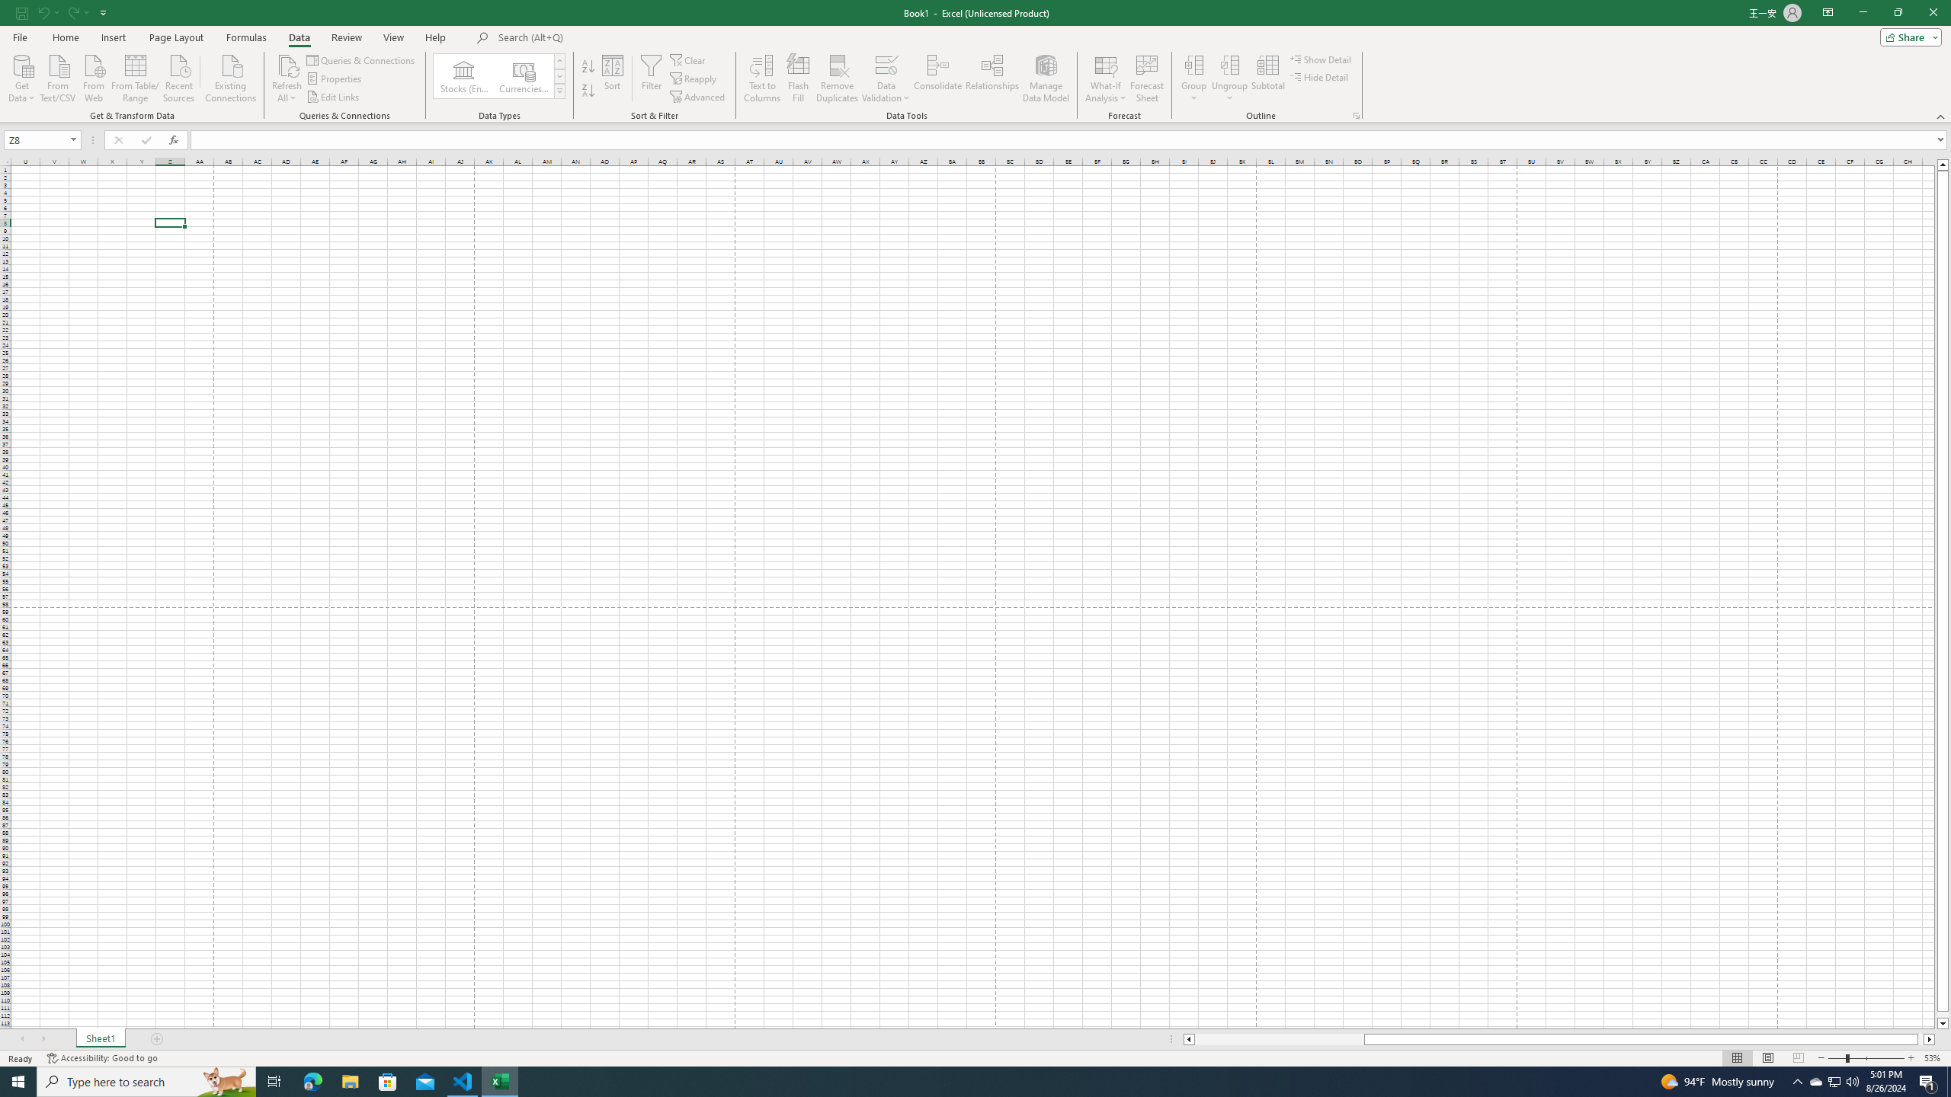 This screenshot has width=1951, height=1097. I want to click on 'Sheet1', so click(99, 1038).